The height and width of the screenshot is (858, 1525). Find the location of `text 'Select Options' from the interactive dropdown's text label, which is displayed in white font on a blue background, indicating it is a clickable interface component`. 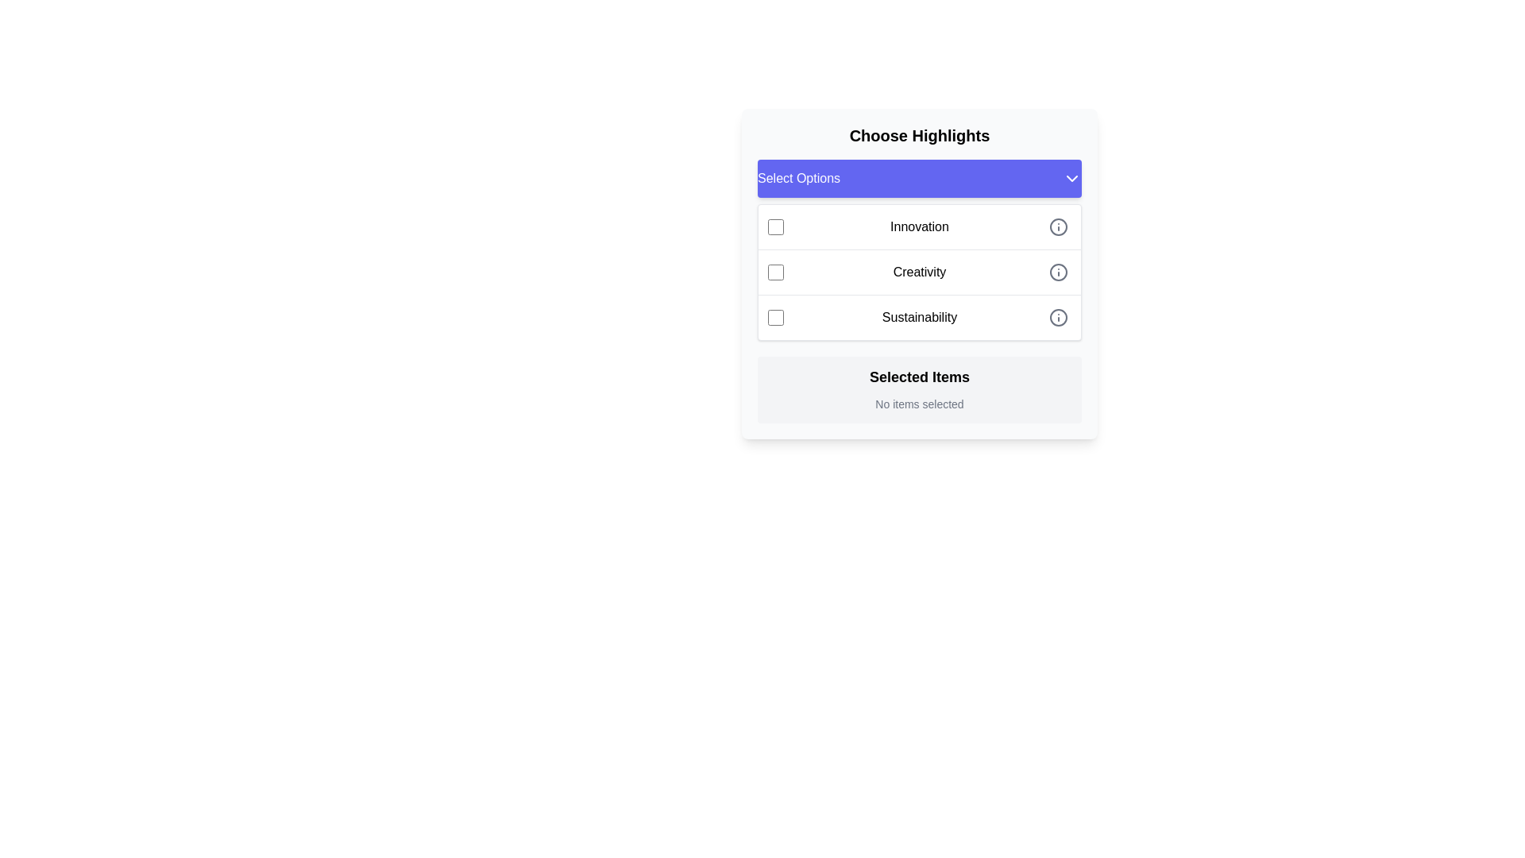

text 'Select Options' from the interactive dropdown's text label, which is displayed in white font on a blue background, indicating it is a clickable interface component is located at coordinates (799, 178).